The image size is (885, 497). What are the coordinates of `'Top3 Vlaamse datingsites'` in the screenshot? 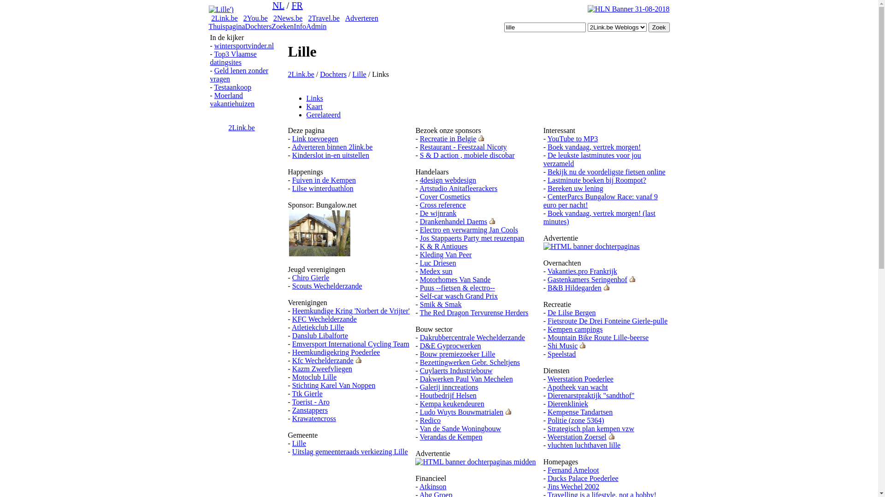 It's located at (233, 58).